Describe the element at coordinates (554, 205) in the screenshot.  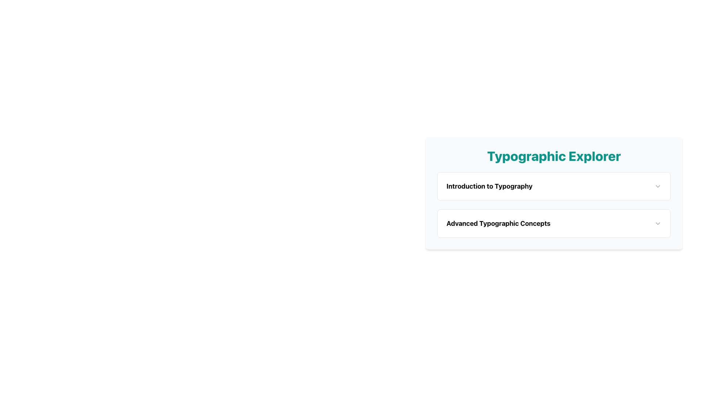
I see `the collapsible content section within the 'Typographic Explorer' interface` at that location.